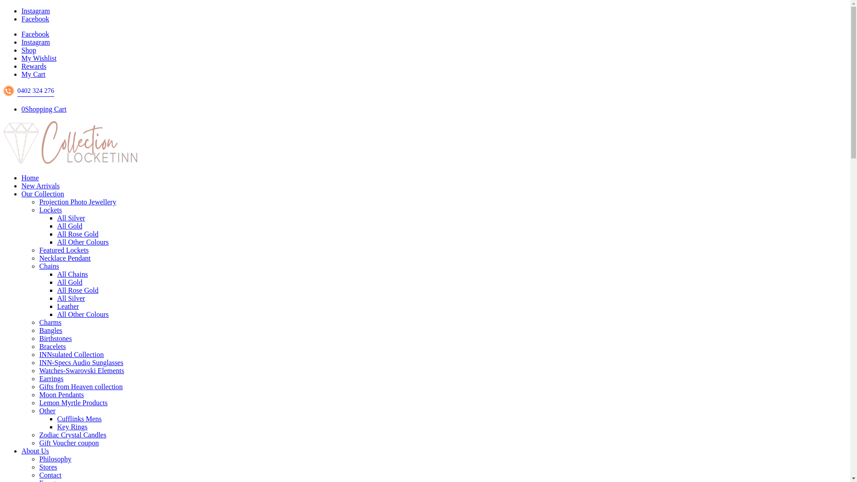 This screenshot has height=482, width=857. What do you see at coordinates (50, 330) in the screenshot?
I see `'Bangles'` at bounding box center [50, 330].